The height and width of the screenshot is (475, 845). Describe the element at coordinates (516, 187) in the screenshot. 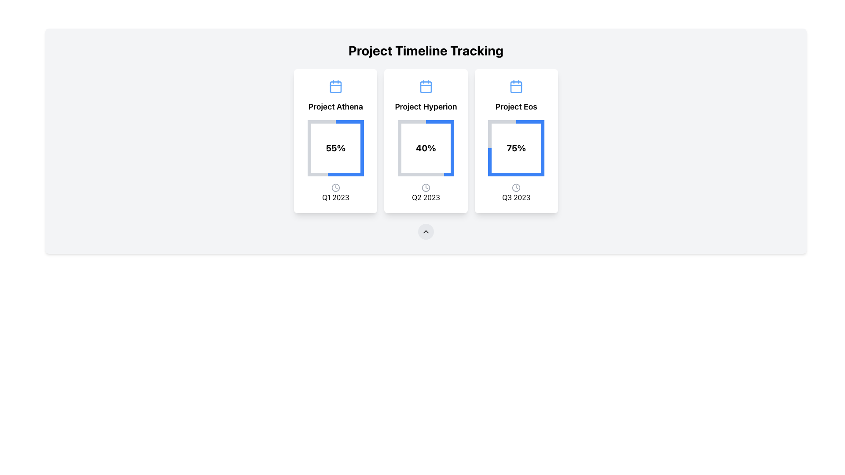

I see `the clock icon located above the 'Q3 2023' label on the 'Project Eos' card in the 'Project Timeline Tracking' interface` at that location.